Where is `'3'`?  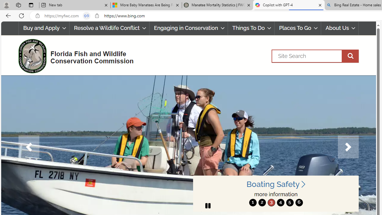 '3' is located at coordinates (271, 202).